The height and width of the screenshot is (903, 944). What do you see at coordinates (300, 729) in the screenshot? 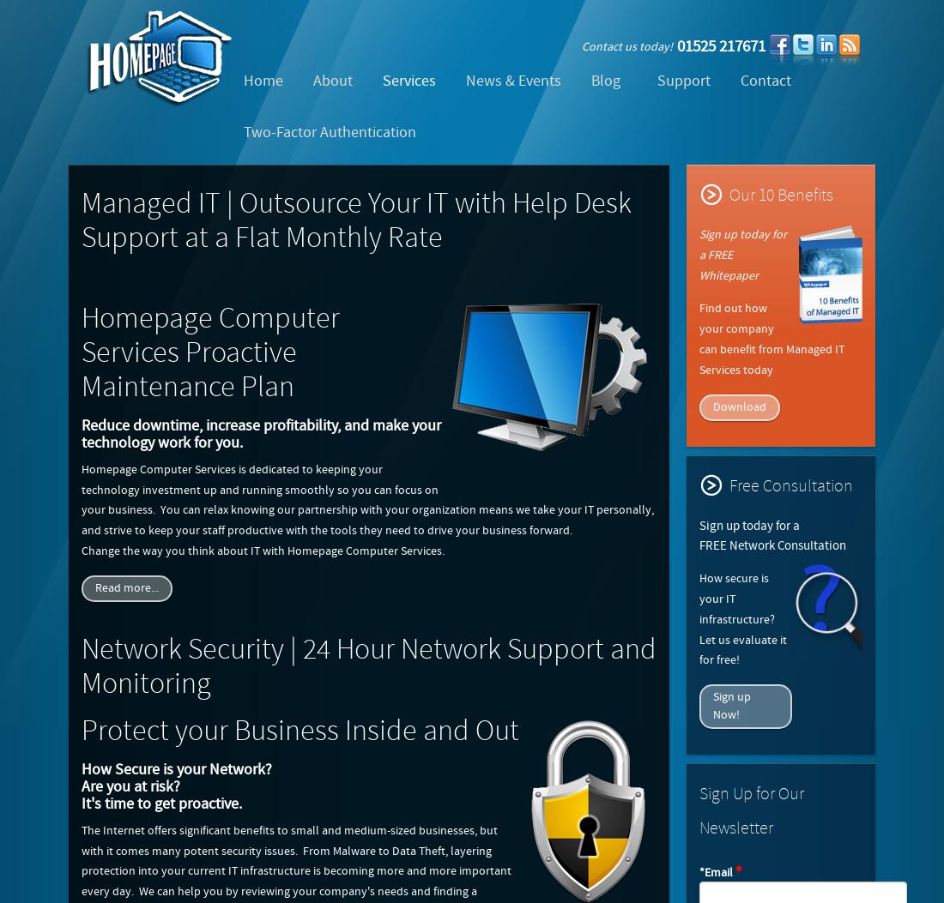
I see `'Protect your Business Inside and Out'` at bounding box center [300, 729].